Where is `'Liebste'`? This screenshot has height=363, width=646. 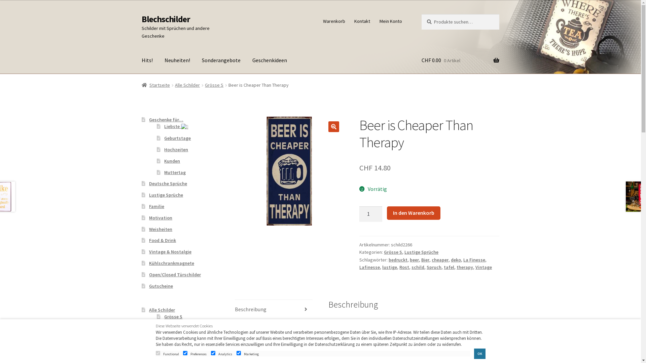
'Liebste' is located at coordinates (164, 126).